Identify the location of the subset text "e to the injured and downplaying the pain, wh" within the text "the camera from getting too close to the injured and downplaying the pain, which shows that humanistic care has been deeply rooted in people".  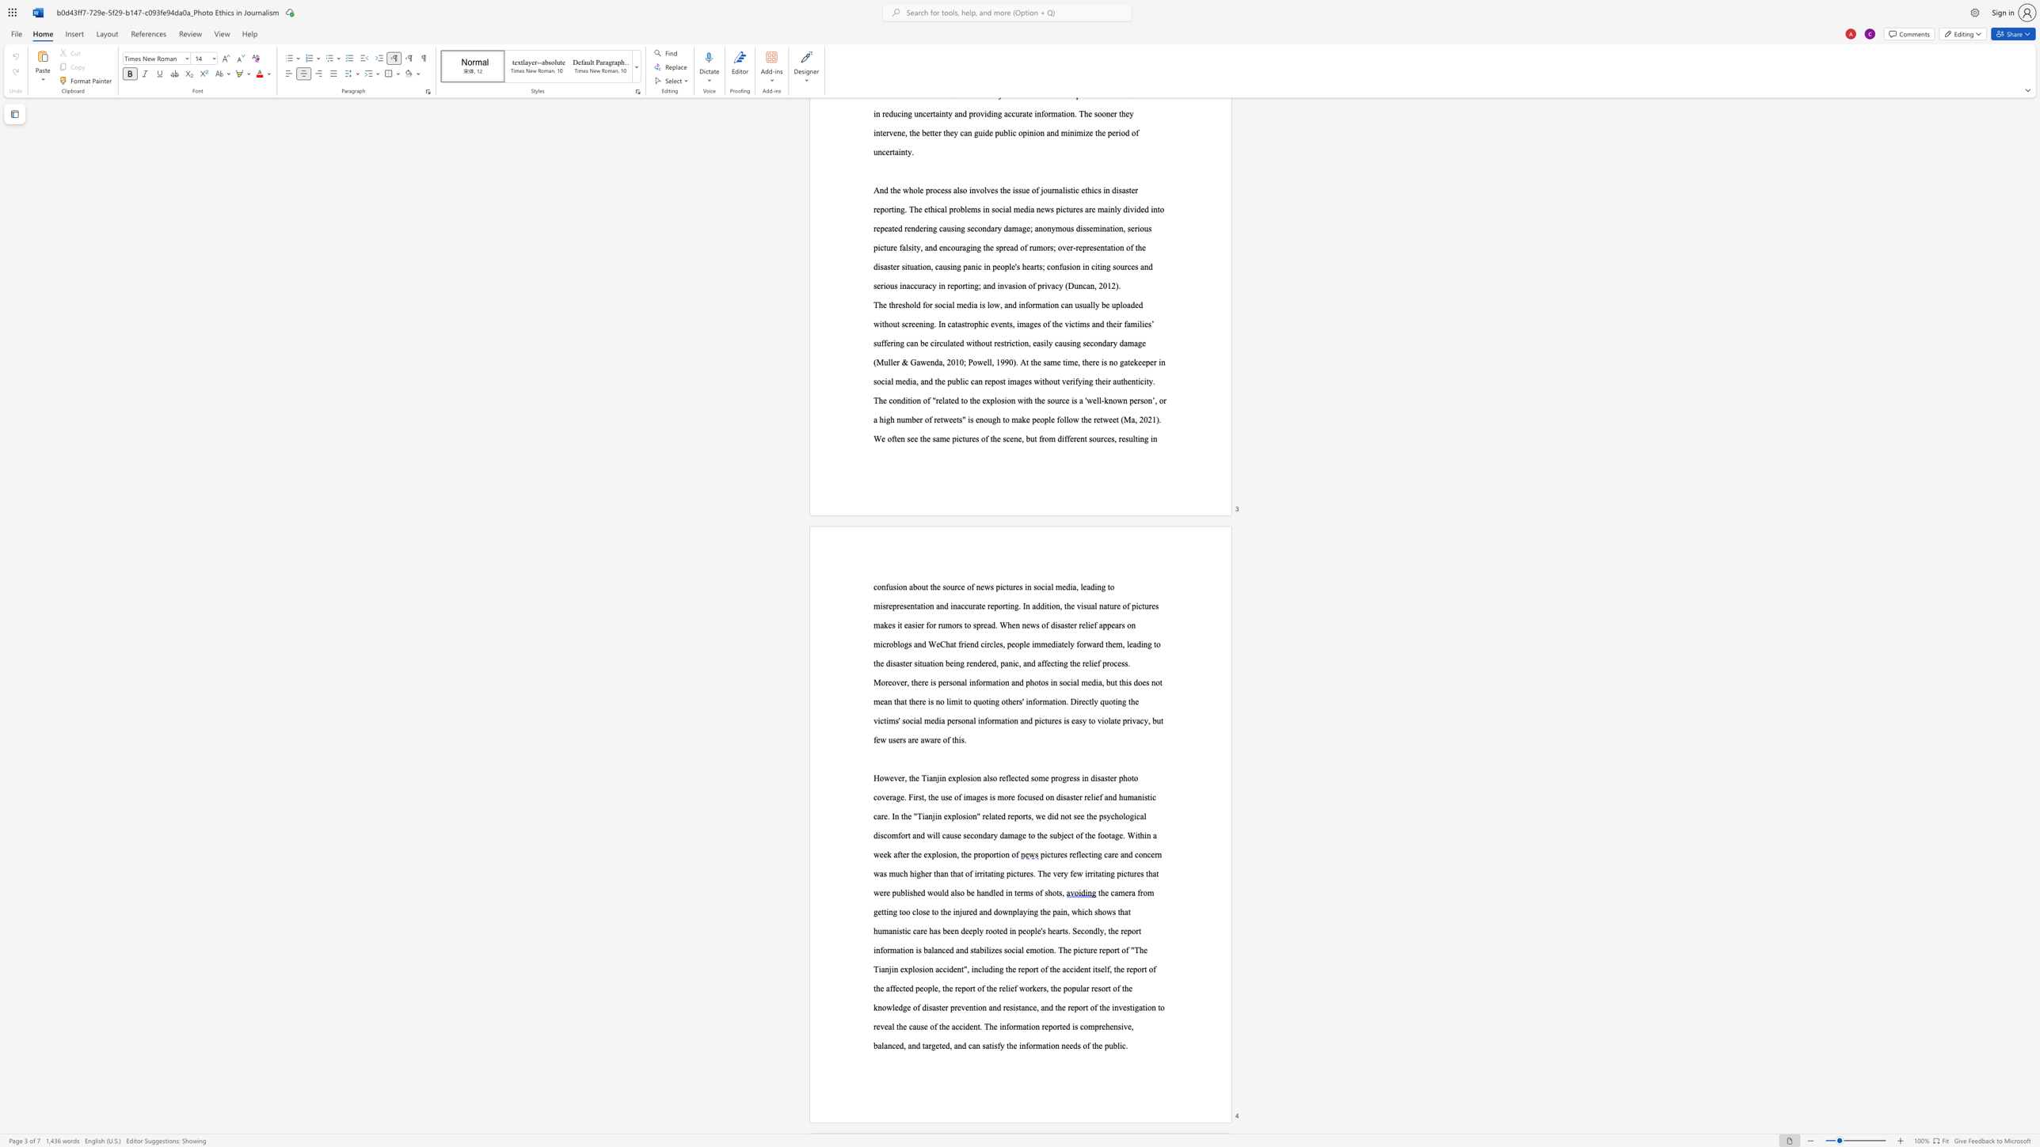
(925, 910).